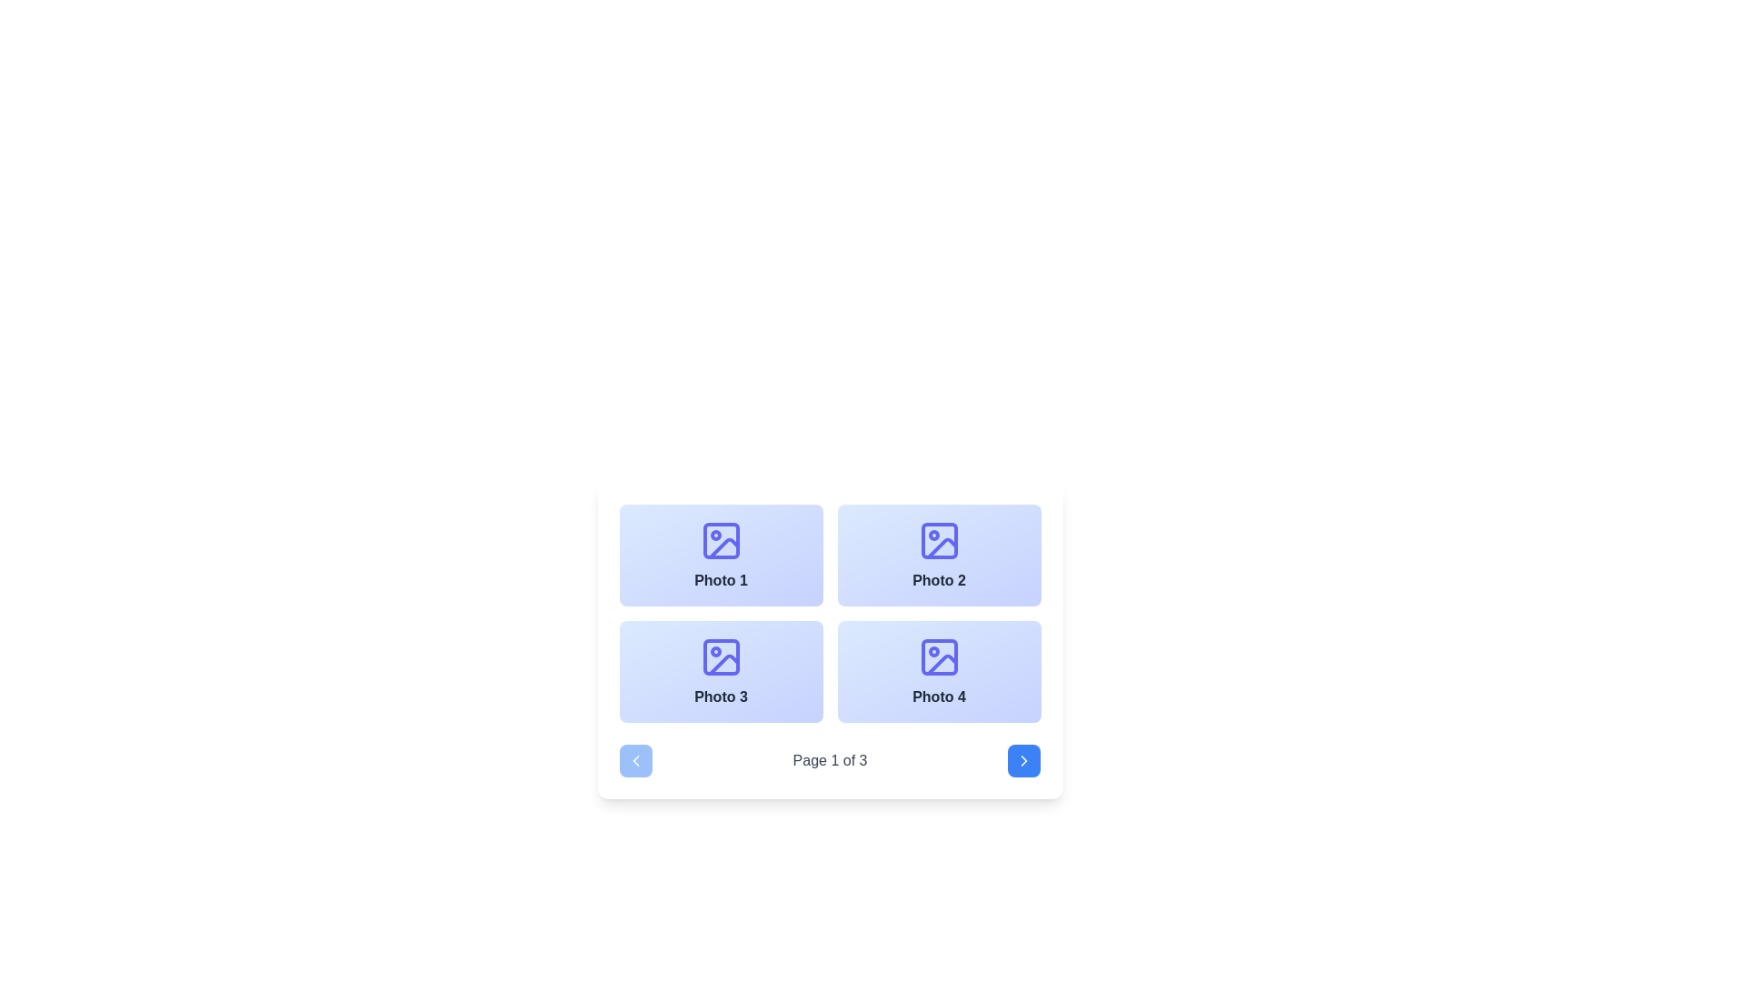 This screenshot has height=982, width=1745. I want to click on the background shape of the image icon located in the bottom-right cell of the 2x2 grid layout, which features rounded corners and a minimalistic line art design, so click(939, 656).